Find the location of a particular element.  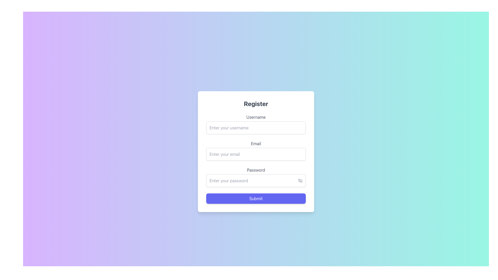

the eye icon button with a strikethrough located at the right edge of the password input field by is located at coordinates (300, 180).